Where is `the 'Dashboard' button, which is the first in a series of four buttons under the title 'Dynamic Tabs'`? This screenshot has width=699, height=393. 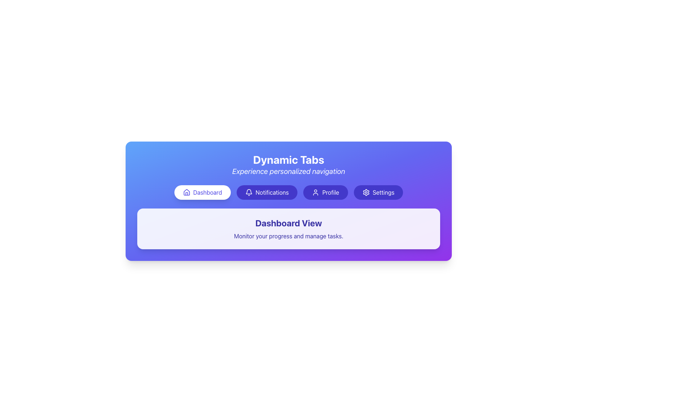 the 'Dashboard' button, which is the first in a series of four buttons under the title 'Dynamic Tabs' is located at coordinates (202, 192).